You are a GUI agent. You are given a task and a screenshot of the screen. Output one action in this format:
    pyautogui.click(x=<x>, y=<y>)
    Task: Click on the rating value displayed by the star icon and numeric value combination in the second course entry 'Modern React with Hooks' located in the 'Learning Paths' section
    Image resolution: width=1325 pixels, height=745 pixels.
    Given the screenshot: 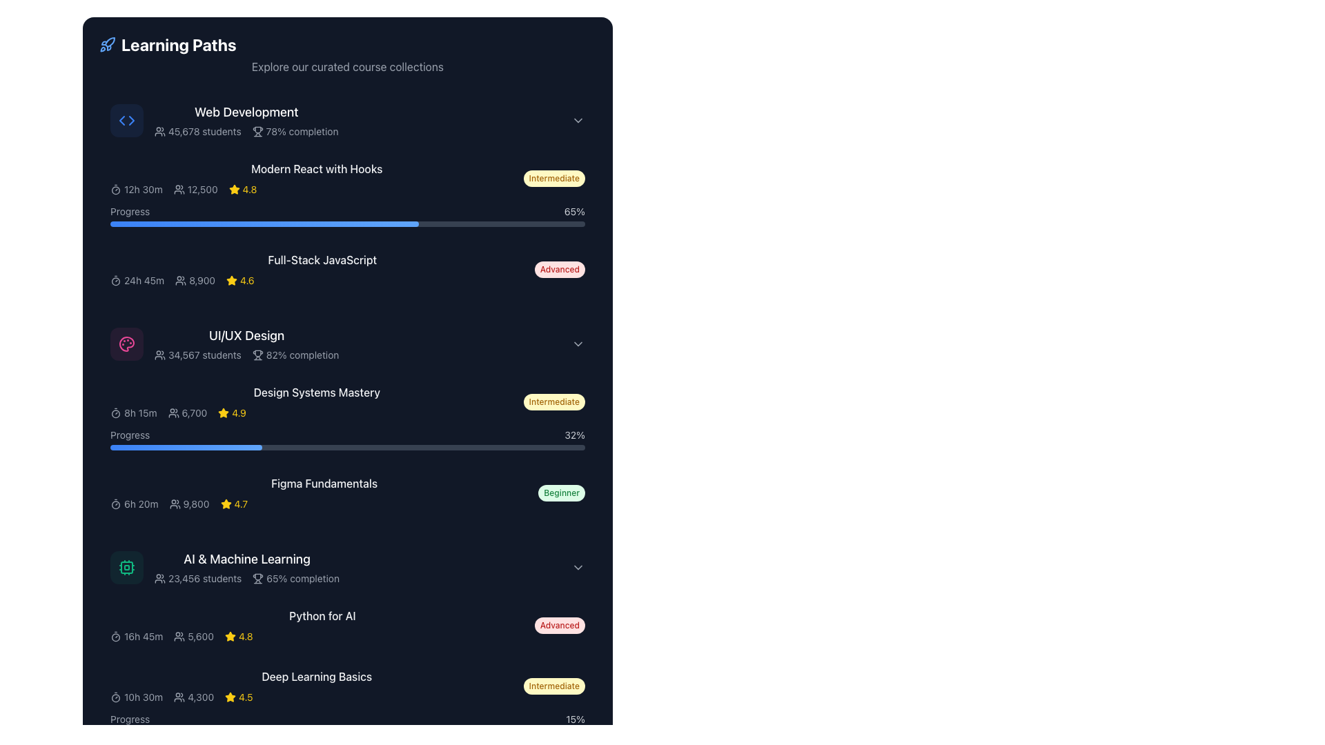 What is the action you would take?
    pyautogui.click(x=243, y=189)
    